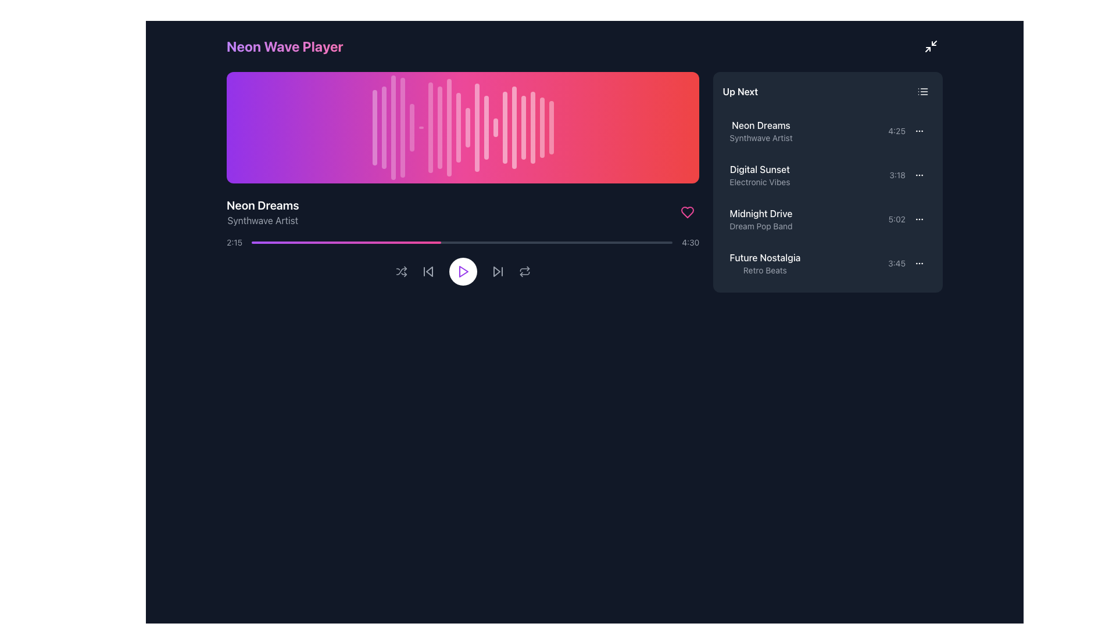 The width and height of the screenshot is (1116, 627). I want to click on the second song entry in the playlist, located in the 'Up Next' section, to play the song, so click(827, 175).